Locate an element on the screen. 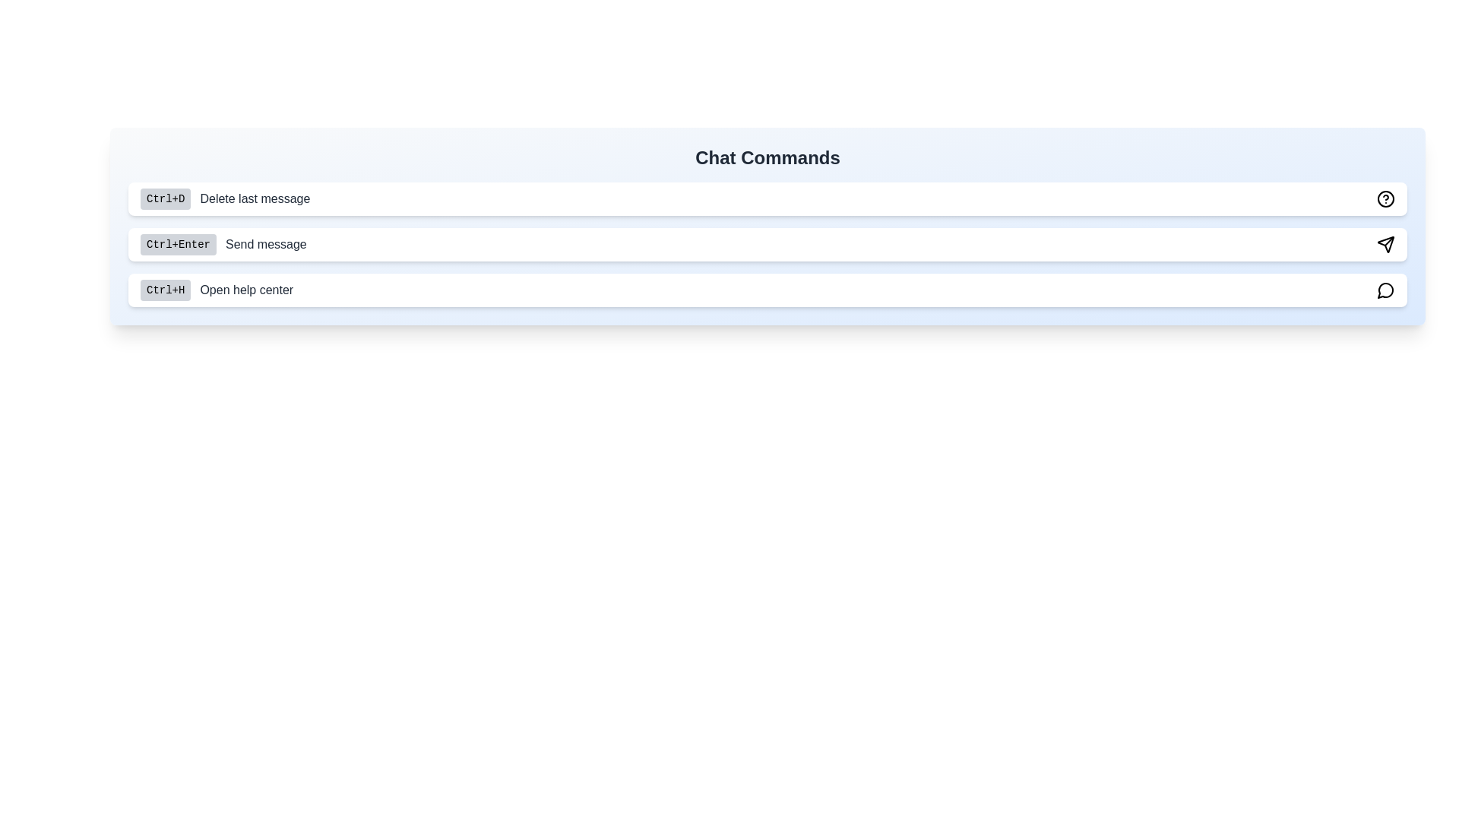  the informational text that describes the shortcut 'Ctrl+H' for 'Open help center', which is the third item in a vertical list of command shortcut descriptions is located at coordinates (216, 290).